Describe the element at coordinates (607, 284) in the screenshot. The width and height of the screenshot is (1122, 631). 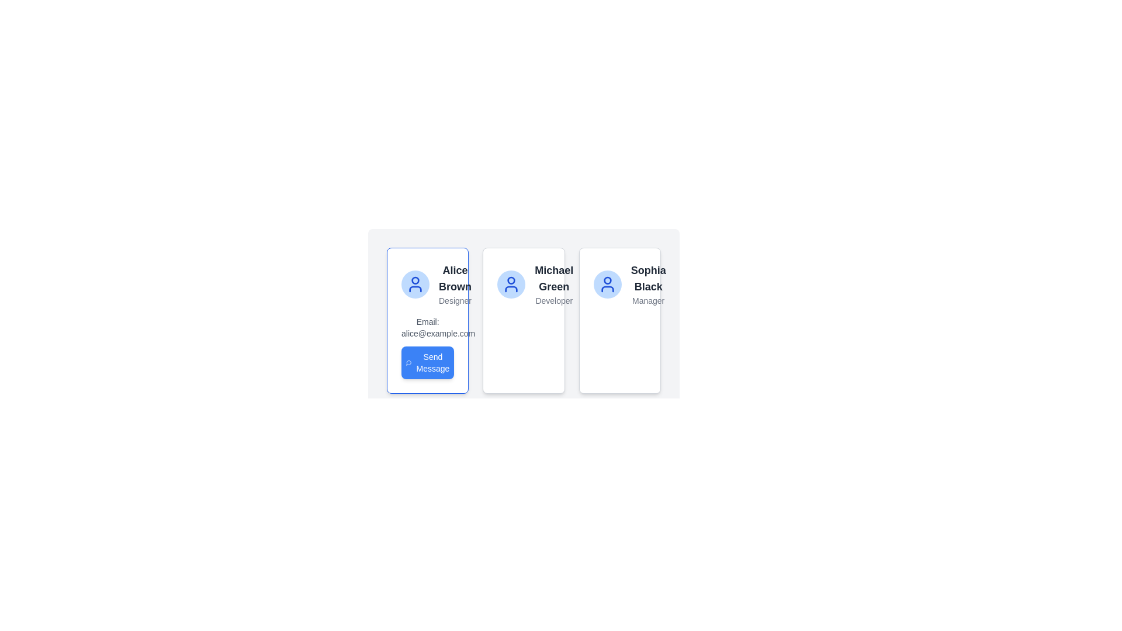
I see `the User Profile Icon located at the center of the third card` at that location.